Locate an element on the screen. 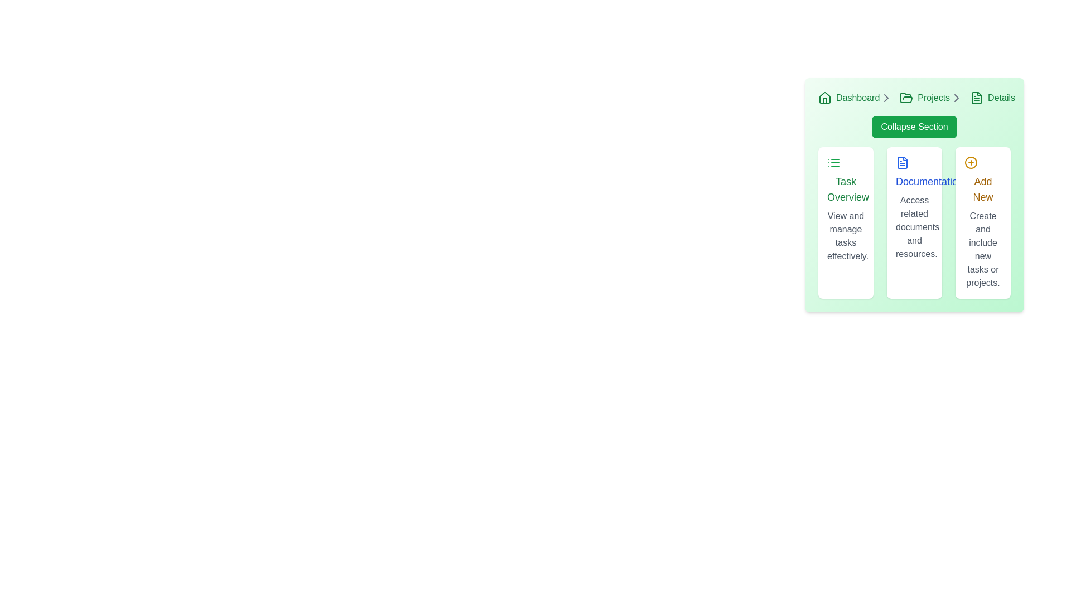 This screenshot has width=1071, height=602. the collapse button located at the top-center of the panel to hide the content section below it is located at coordinates (914, 126).